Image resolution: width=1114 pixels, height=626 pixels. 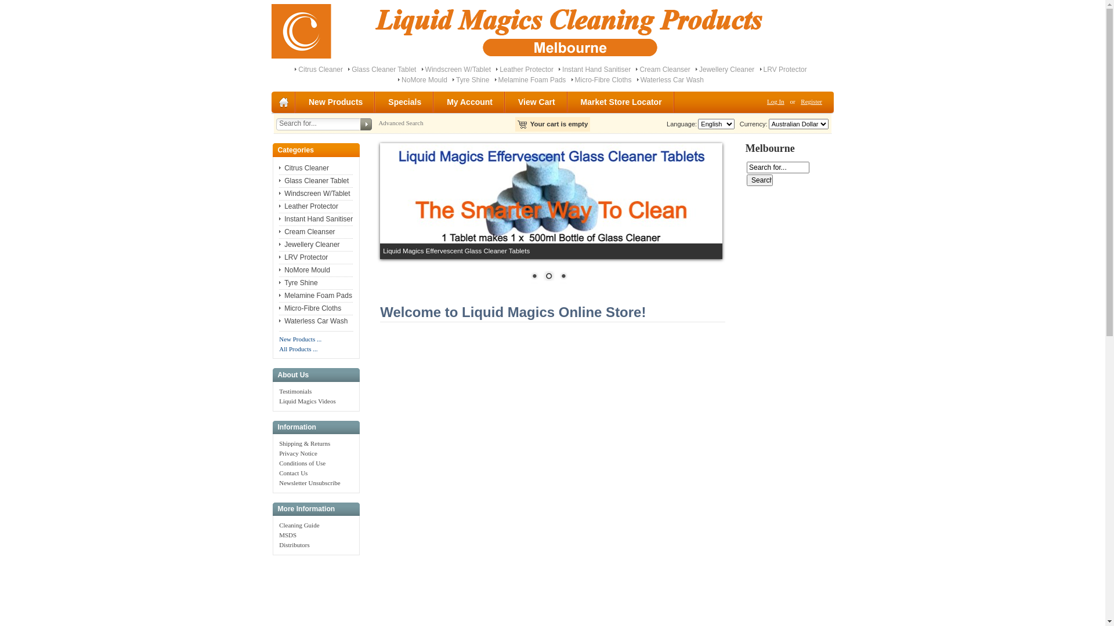 What do you see at coordinates (548, 277) in the screenshot?
I see `'2'` at bounding box center [548, 277].